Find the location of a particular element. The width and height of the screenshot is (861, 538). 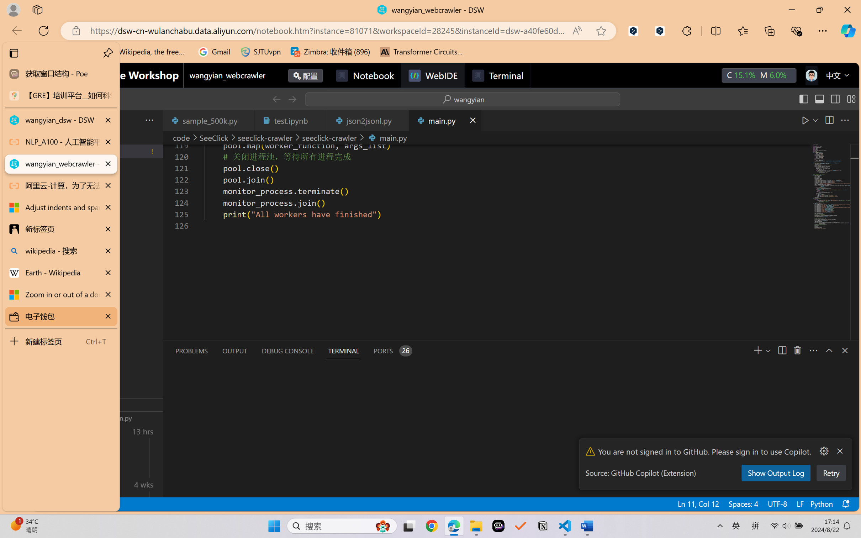

'Toggle Panel (Ctrl+J)' is located at coordinates (818, 99).